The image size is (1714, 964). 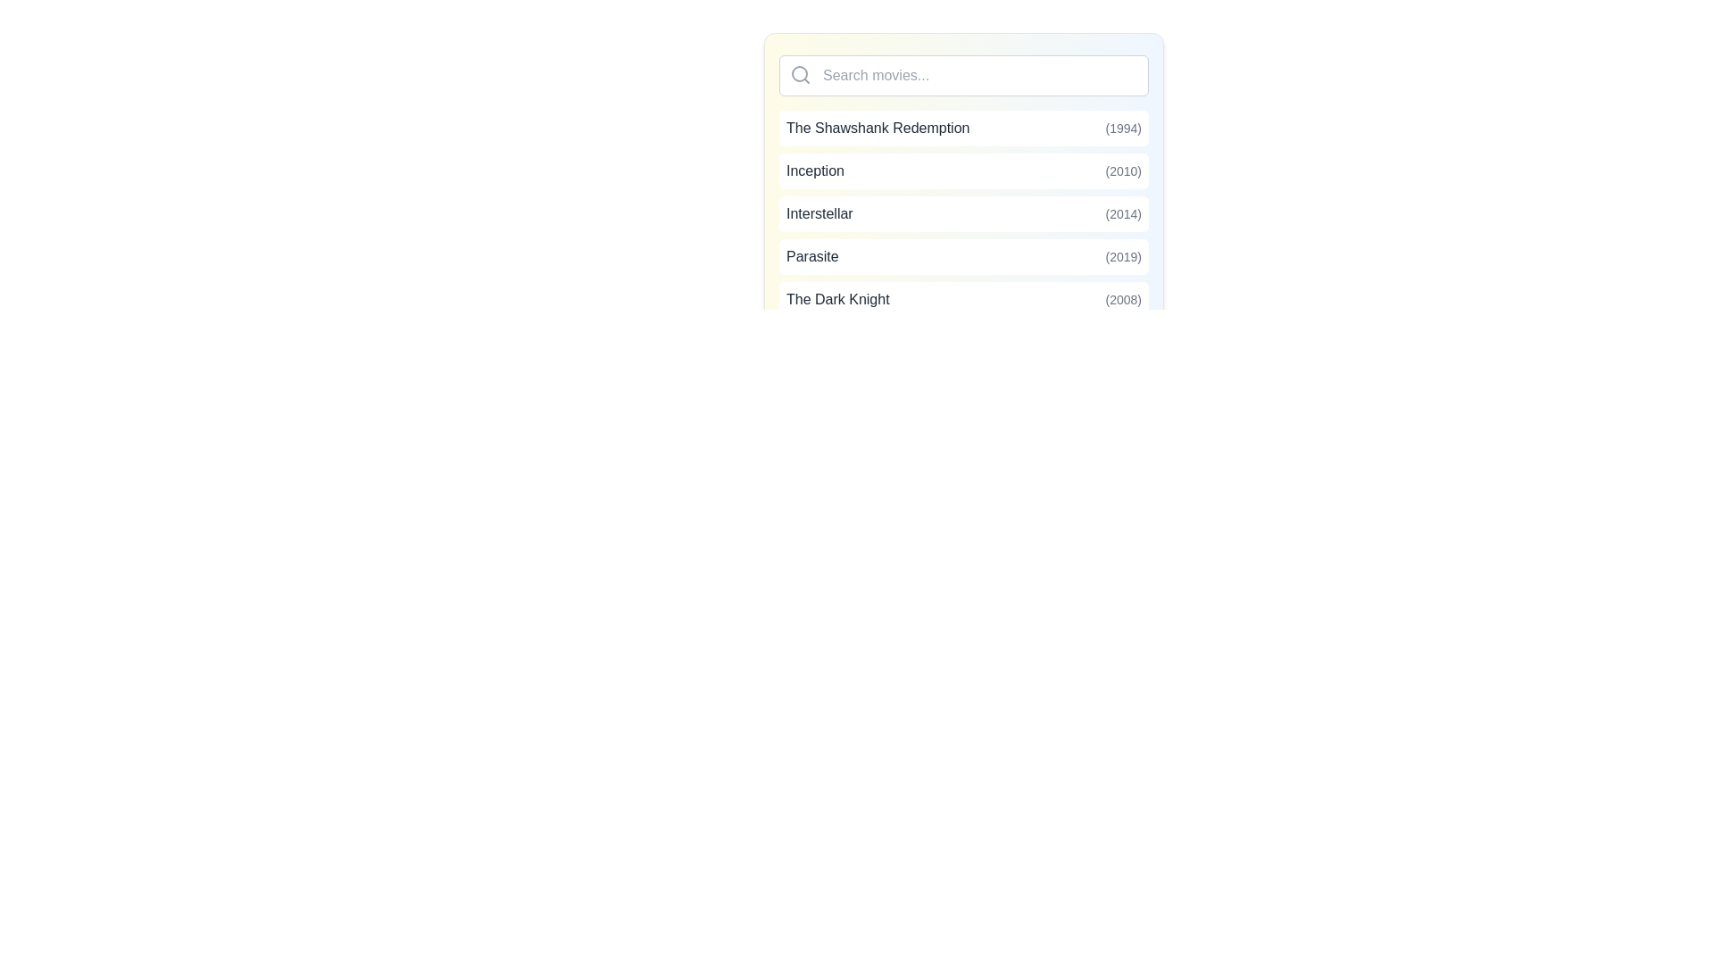 What do you see at coordinates (1122, 257) in the screenshot?
I see `the small, gray text label displaying '(2019)' located to the right of the 'Parasite' title` at bounding box center [1122, 257].